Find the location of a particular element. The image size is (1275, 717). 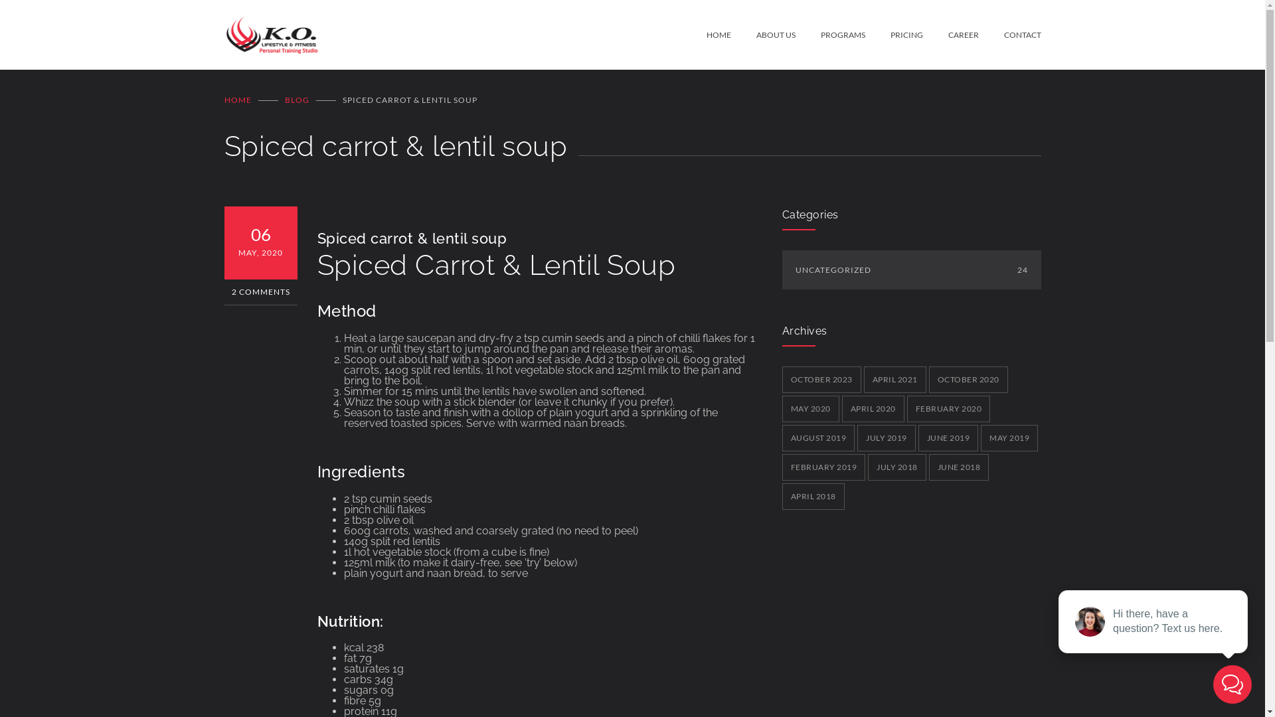

'BLOG' is located at coordinates (296, 99).